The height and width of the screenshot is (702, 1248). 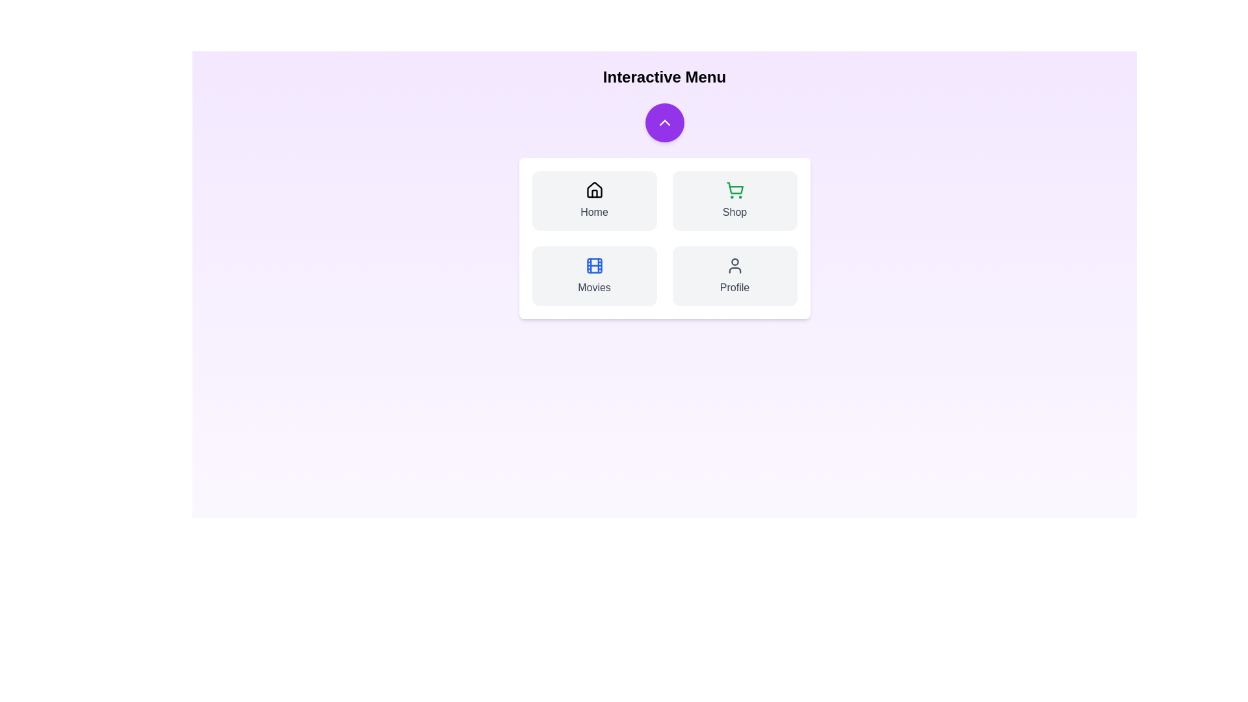 What do you see at coordinates (734, 275) in the screenshot?
I see `the Profile button in the InteractiveNavbar component` at bounding box center [734, 275].